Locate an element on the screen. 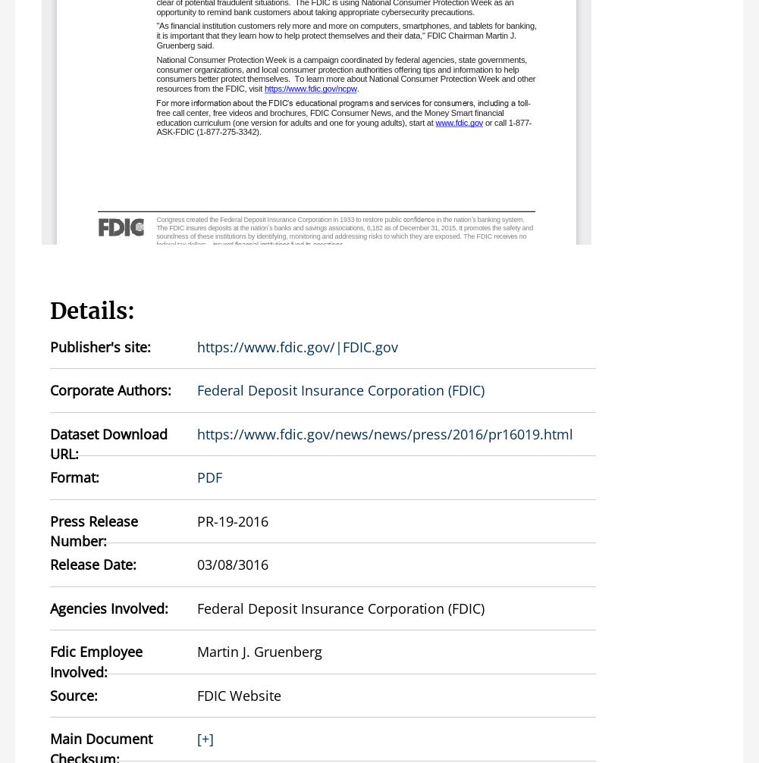 The width and height of the screenshot is (759, 763). 'https://www.fdic.gov/|FDIC.gov' is located at coordinates (296, 346).